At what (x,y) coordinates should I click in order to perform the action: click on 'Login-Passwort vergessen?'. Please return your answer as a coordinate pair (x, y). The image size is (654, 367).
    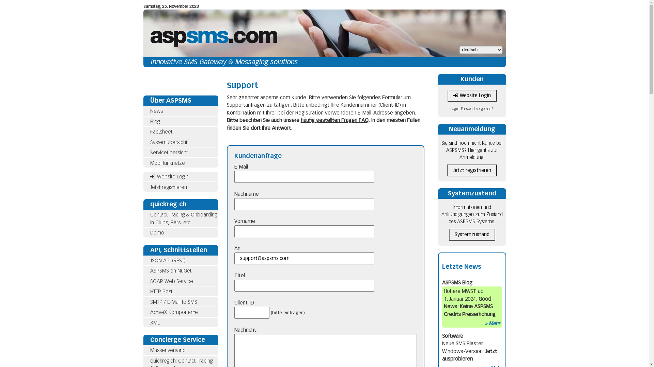
    Looking at the image, I should click on (471, 108).